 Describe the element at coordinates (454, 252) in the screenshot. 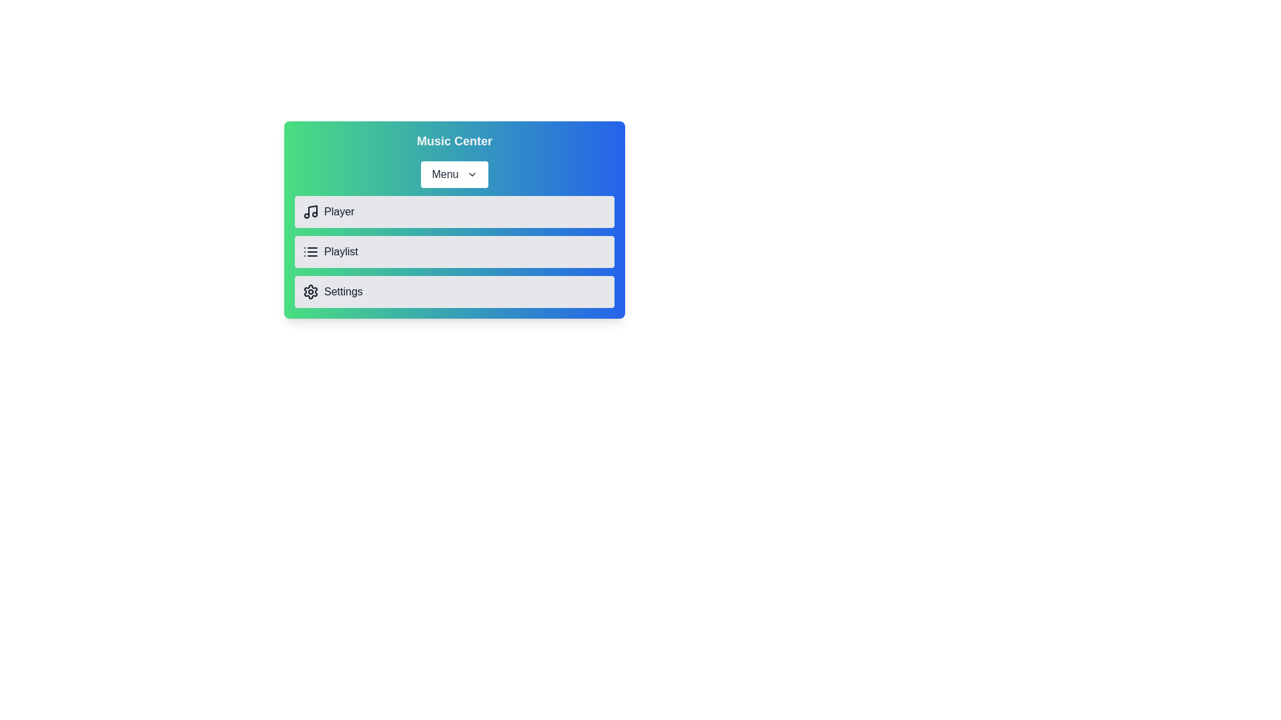

I see `the 'Playlist' option in the menu` at that location.